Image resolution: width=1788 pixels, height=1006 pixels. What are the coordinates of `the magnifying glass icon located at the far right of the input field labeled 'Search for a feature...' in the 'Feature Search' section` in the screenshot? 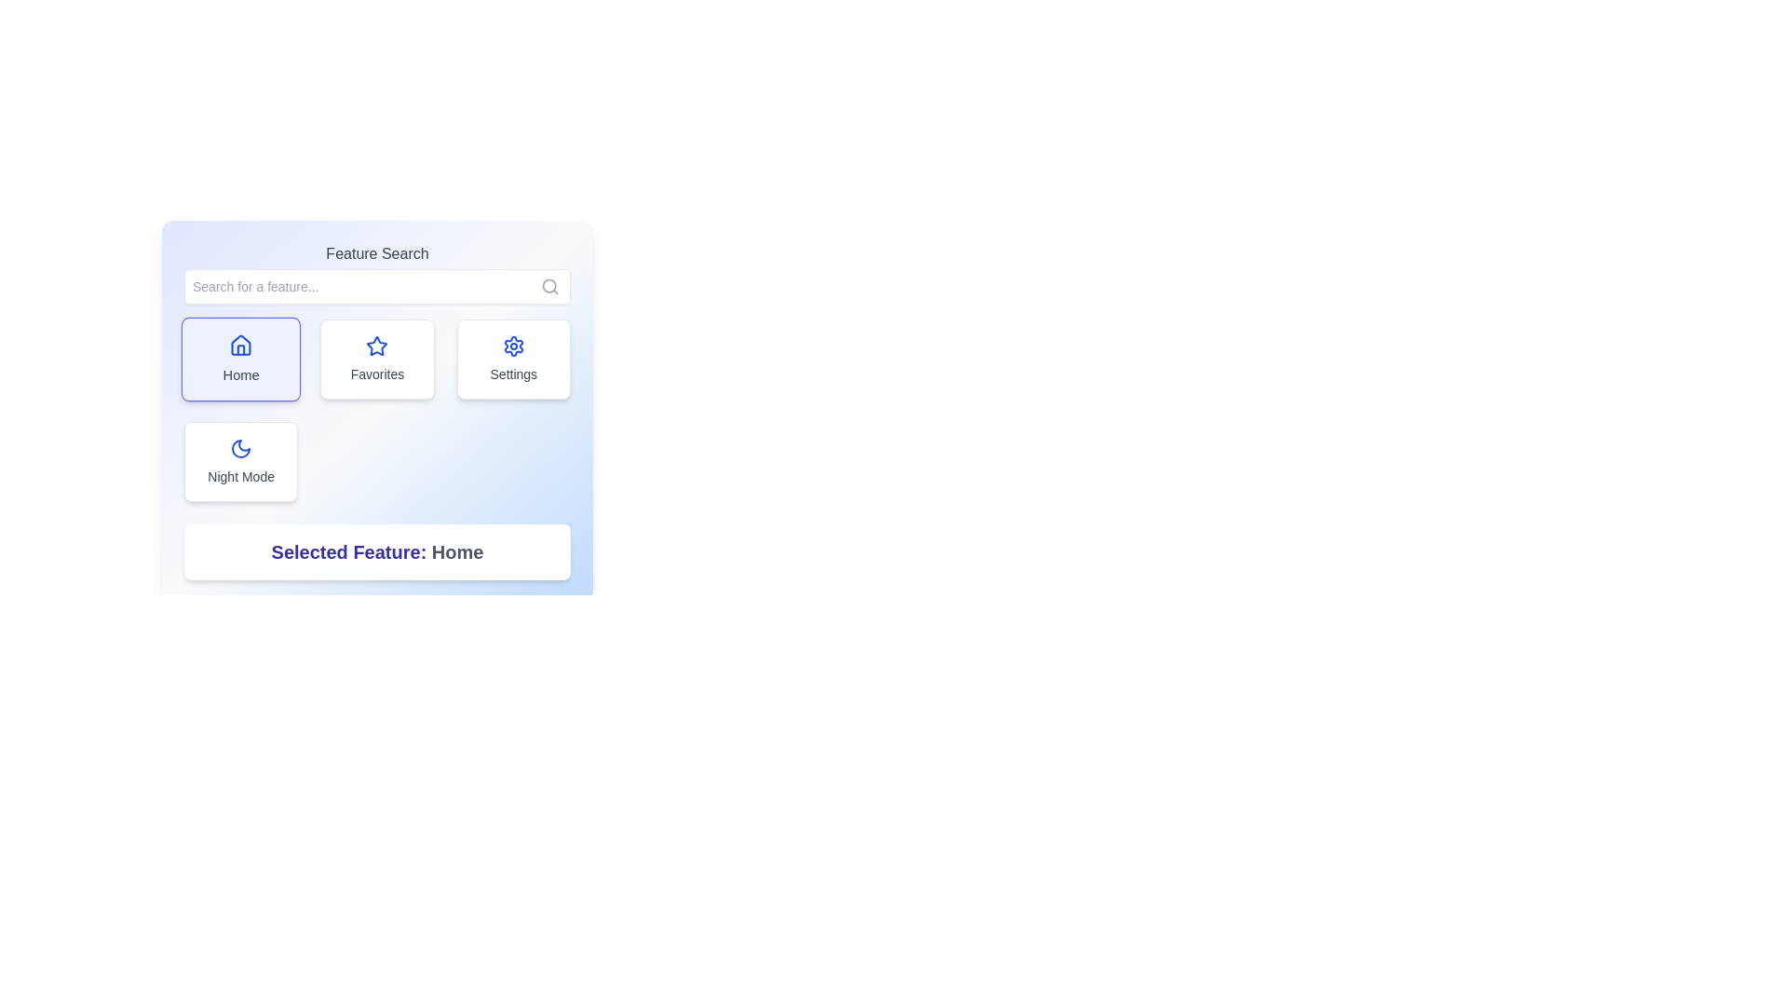 It's located at (549, 287).